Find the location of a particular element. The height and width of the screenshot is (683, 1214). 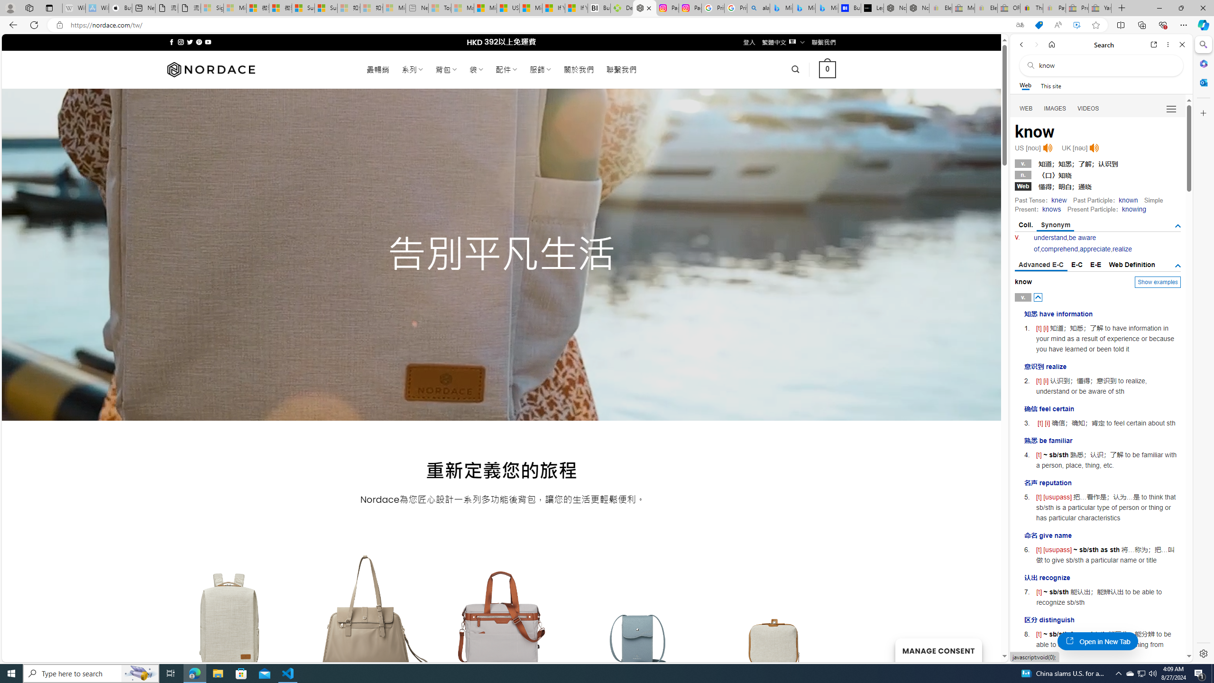

'Microsoft Bing Travel - Shangri-La Hotel Bangkok' is located at coordinates (826, 8).